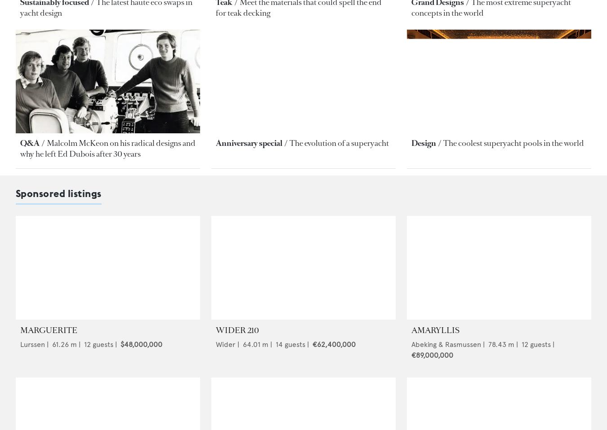  Describe the element at coordinates (215, 329) in the screenshot. I see `'WIDER 210'` at that location.